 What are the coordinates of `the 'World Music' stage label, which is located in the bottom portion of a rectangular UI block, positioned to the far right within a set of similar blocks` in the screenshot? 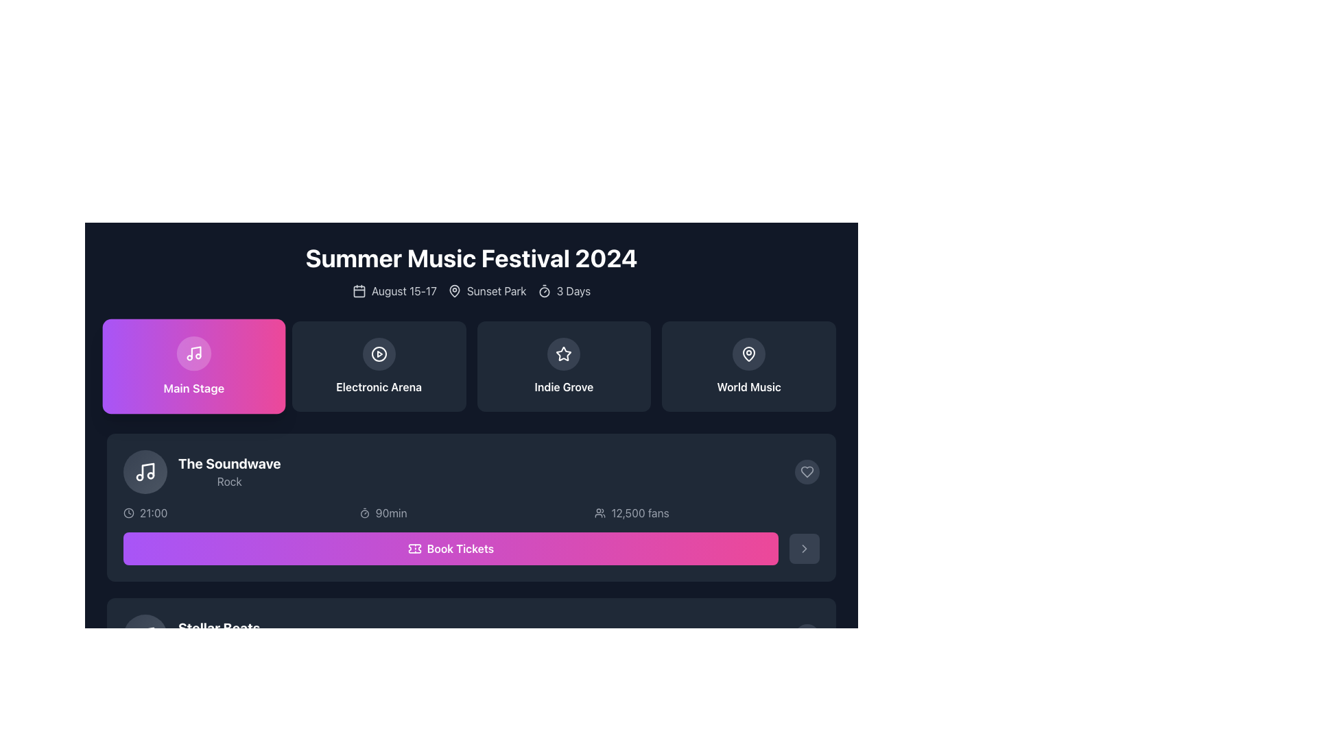 It's located at (748, 386).